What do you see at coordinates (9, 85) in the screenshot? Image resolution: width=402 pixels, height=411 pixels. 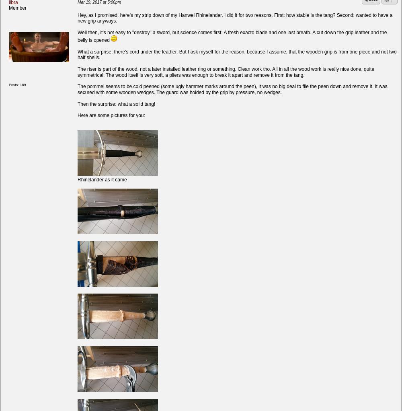 I see `'Posts: 189'` at bounding box center [9, 85].